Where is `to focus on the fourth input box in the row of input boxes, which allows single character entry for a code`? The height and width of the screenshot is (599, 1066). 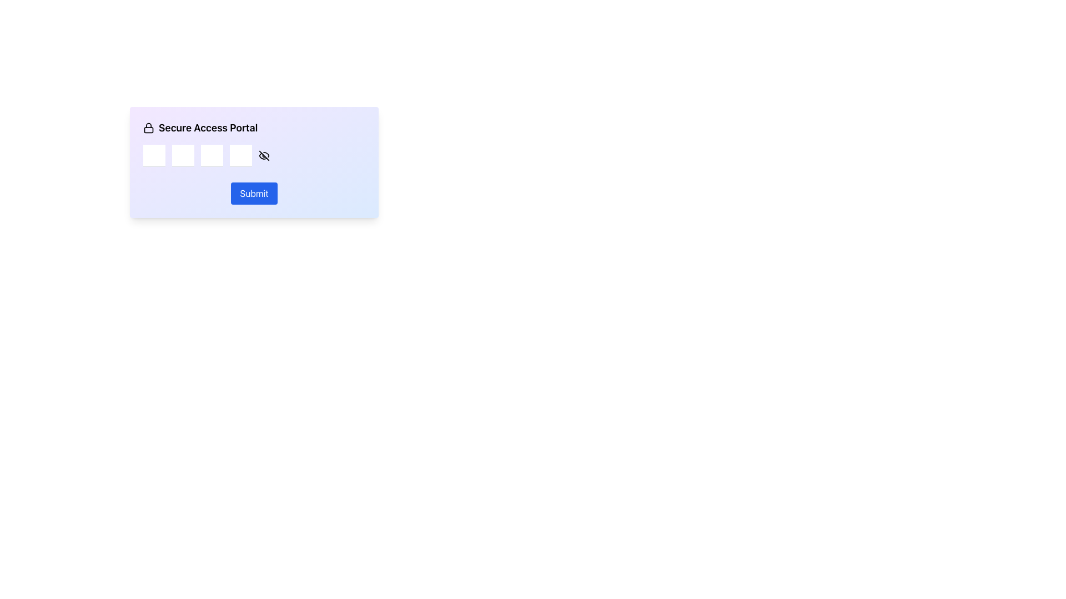
to focus on the fourth input box in the row of input boxes, which allows single character entry for a code is located at coordinates (240, 156).